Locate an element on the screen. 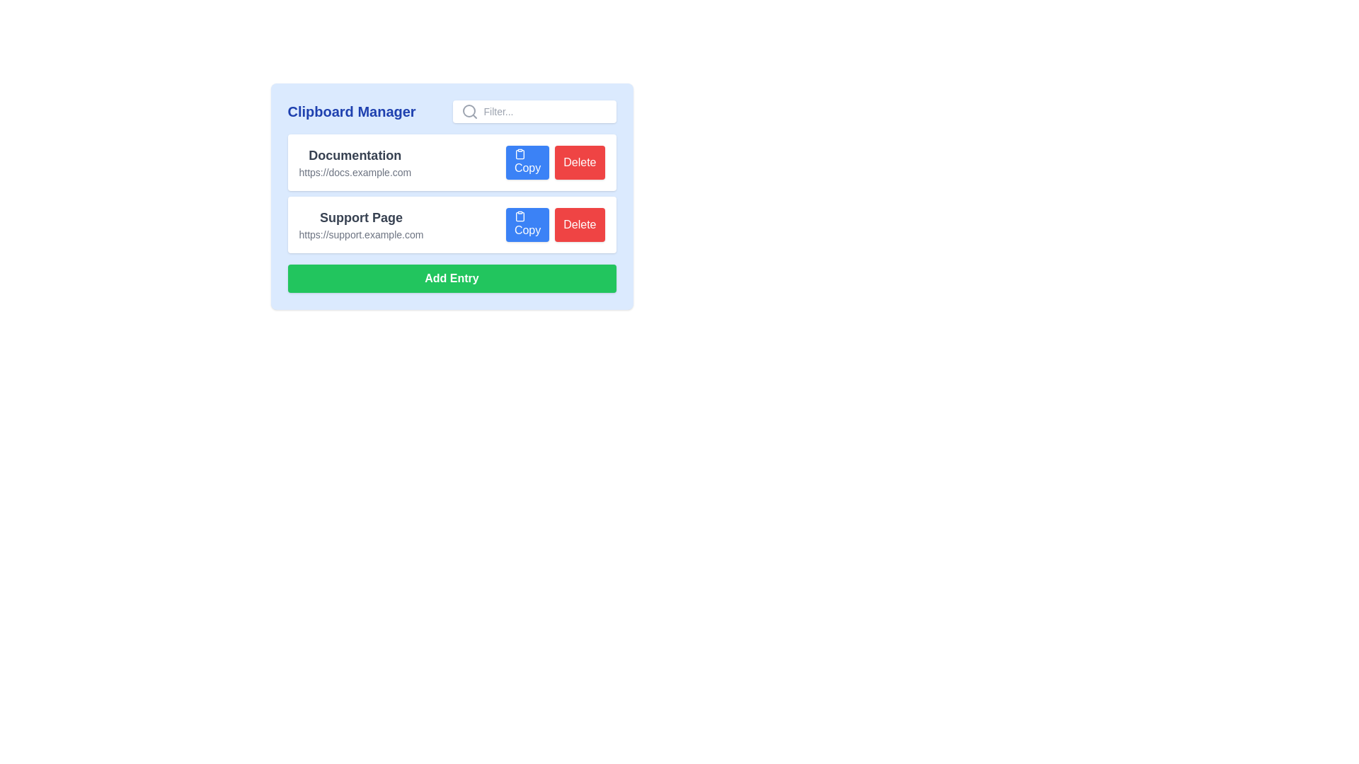 The image size is (1359, 764). the clipboard icon embedded within the 'Copy' button located on the first row of clipboard entries, indicating its function to duplicate the associated URL is located at coordinates (519, 154).